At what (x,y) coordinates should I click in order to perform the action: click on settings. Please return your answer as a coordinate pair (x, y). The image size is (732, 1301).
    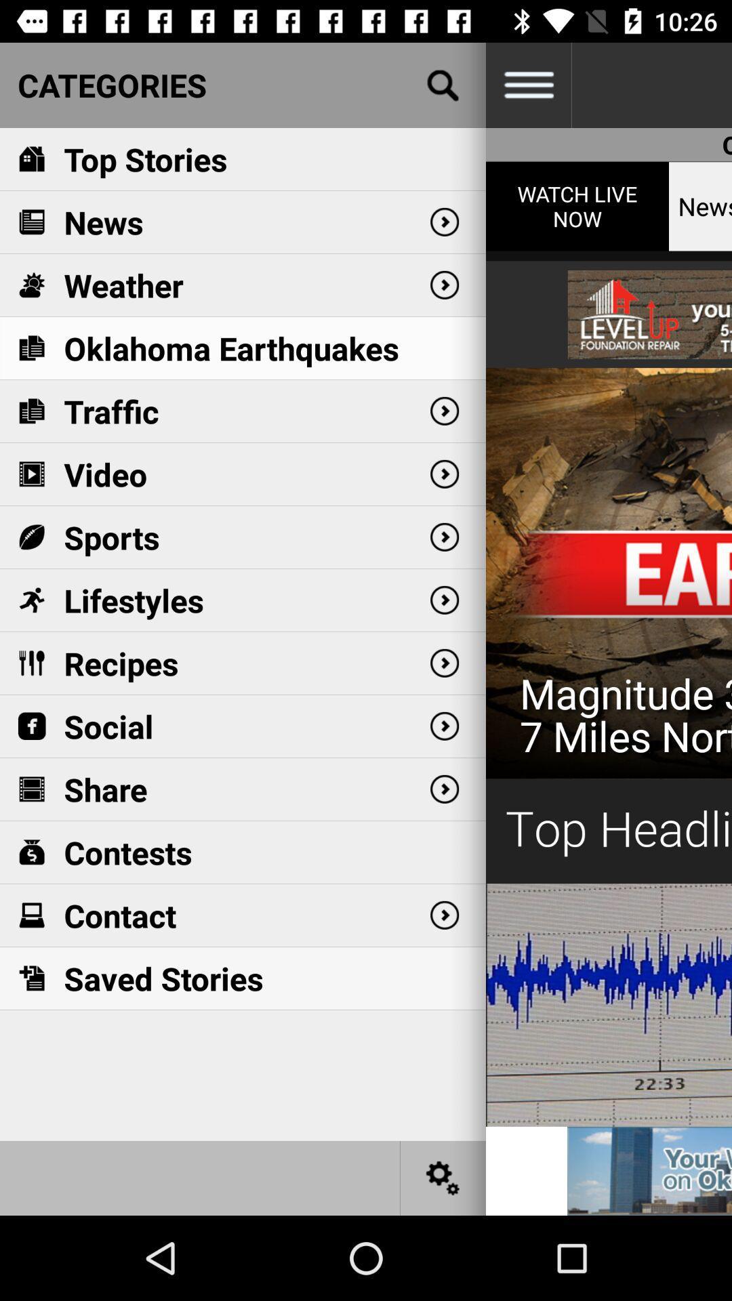
    Looking at the image, I should click on (443, 1177).